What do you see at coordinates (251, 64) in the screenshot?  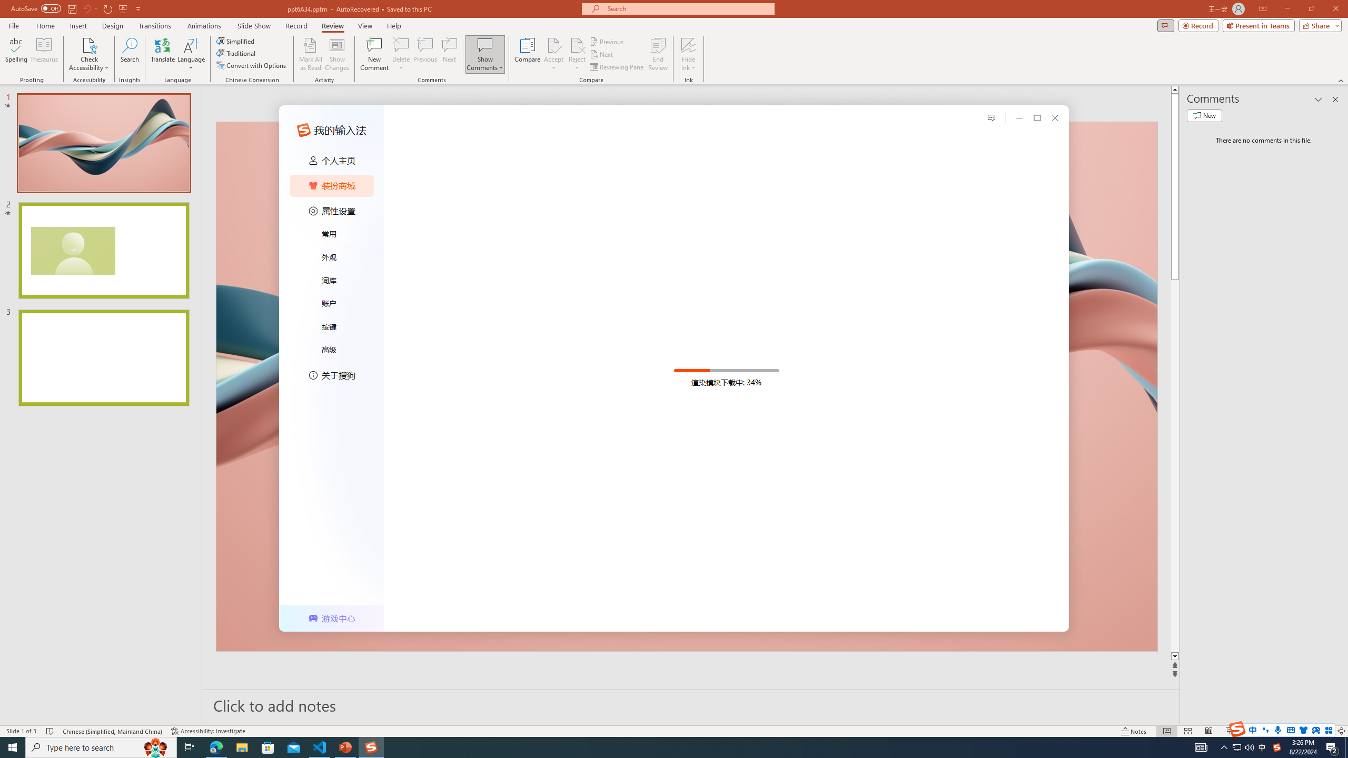 I see `'Convert with Options...'` at bounding box center [251, 64].